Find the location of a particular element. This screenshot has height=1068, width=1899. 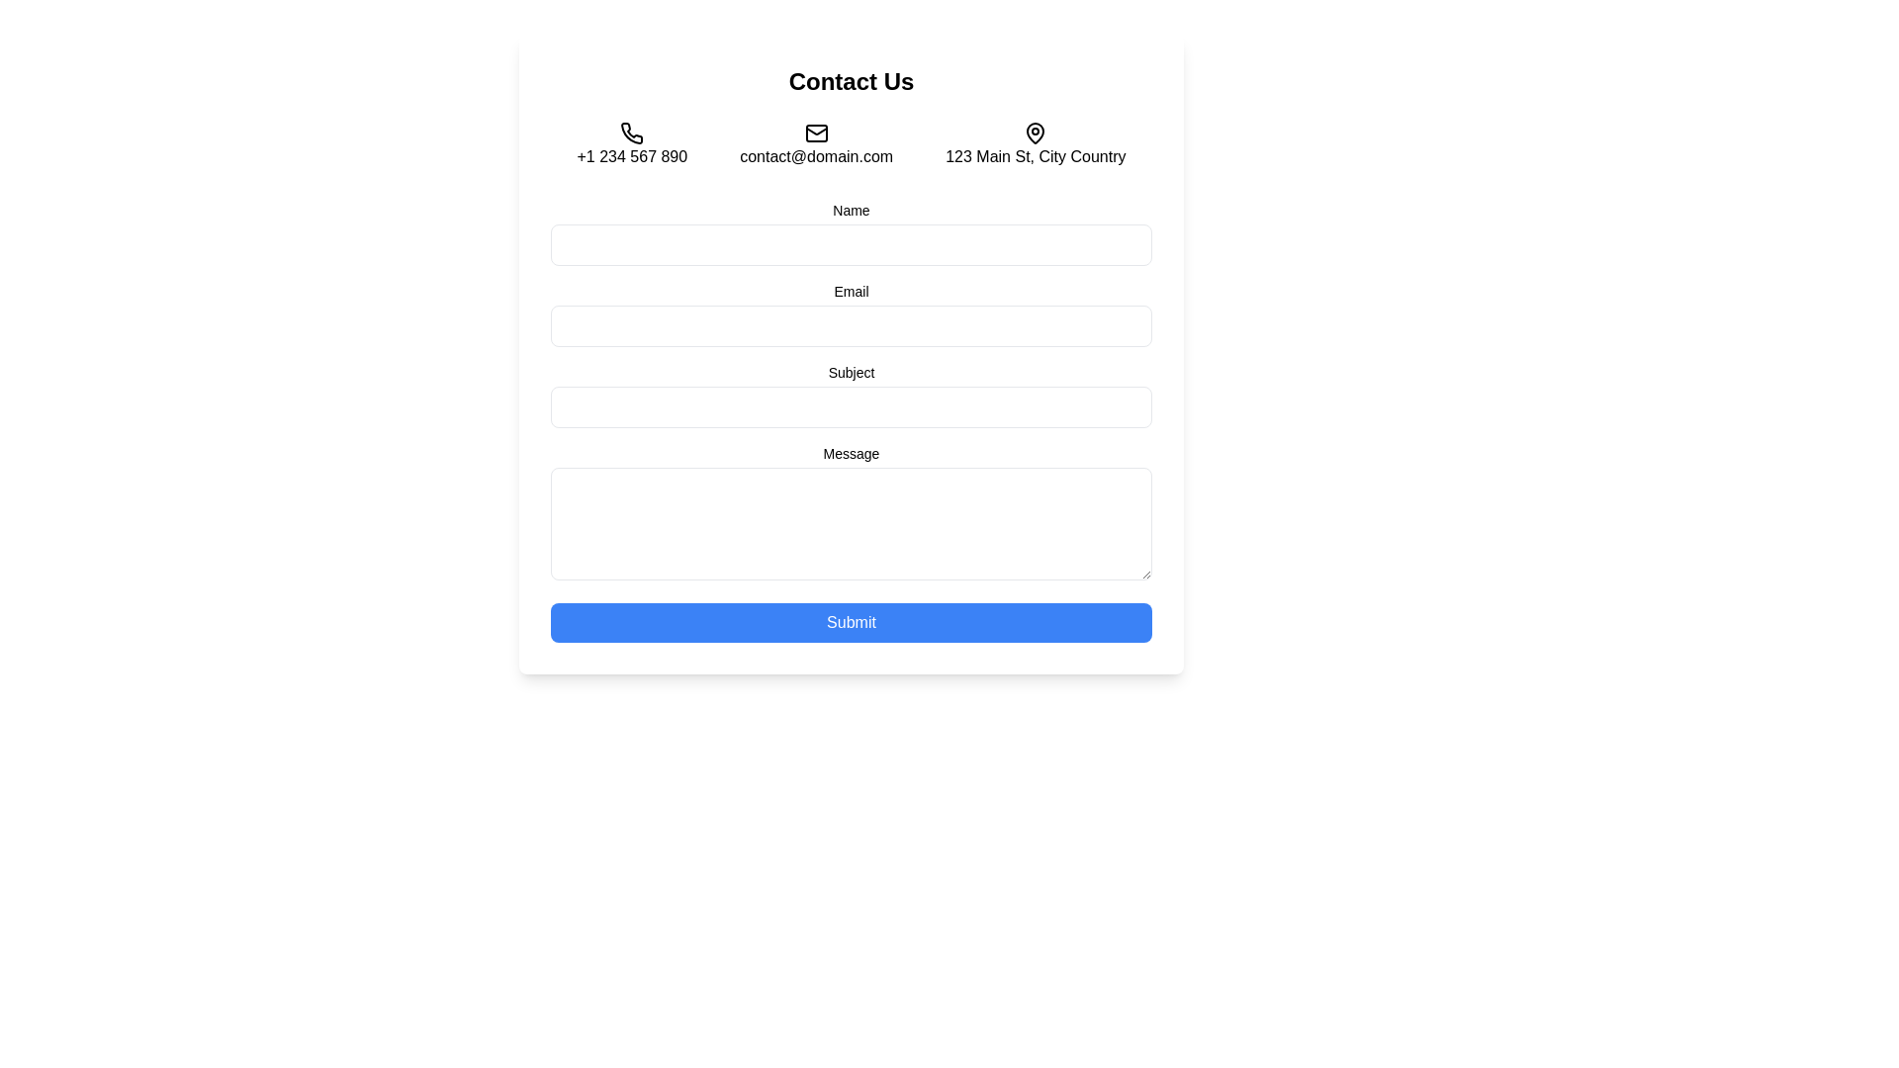

the submit button located at the bottom of the form, which allows users to submit data. This action will change its background color is located at coordinates (851, 621).